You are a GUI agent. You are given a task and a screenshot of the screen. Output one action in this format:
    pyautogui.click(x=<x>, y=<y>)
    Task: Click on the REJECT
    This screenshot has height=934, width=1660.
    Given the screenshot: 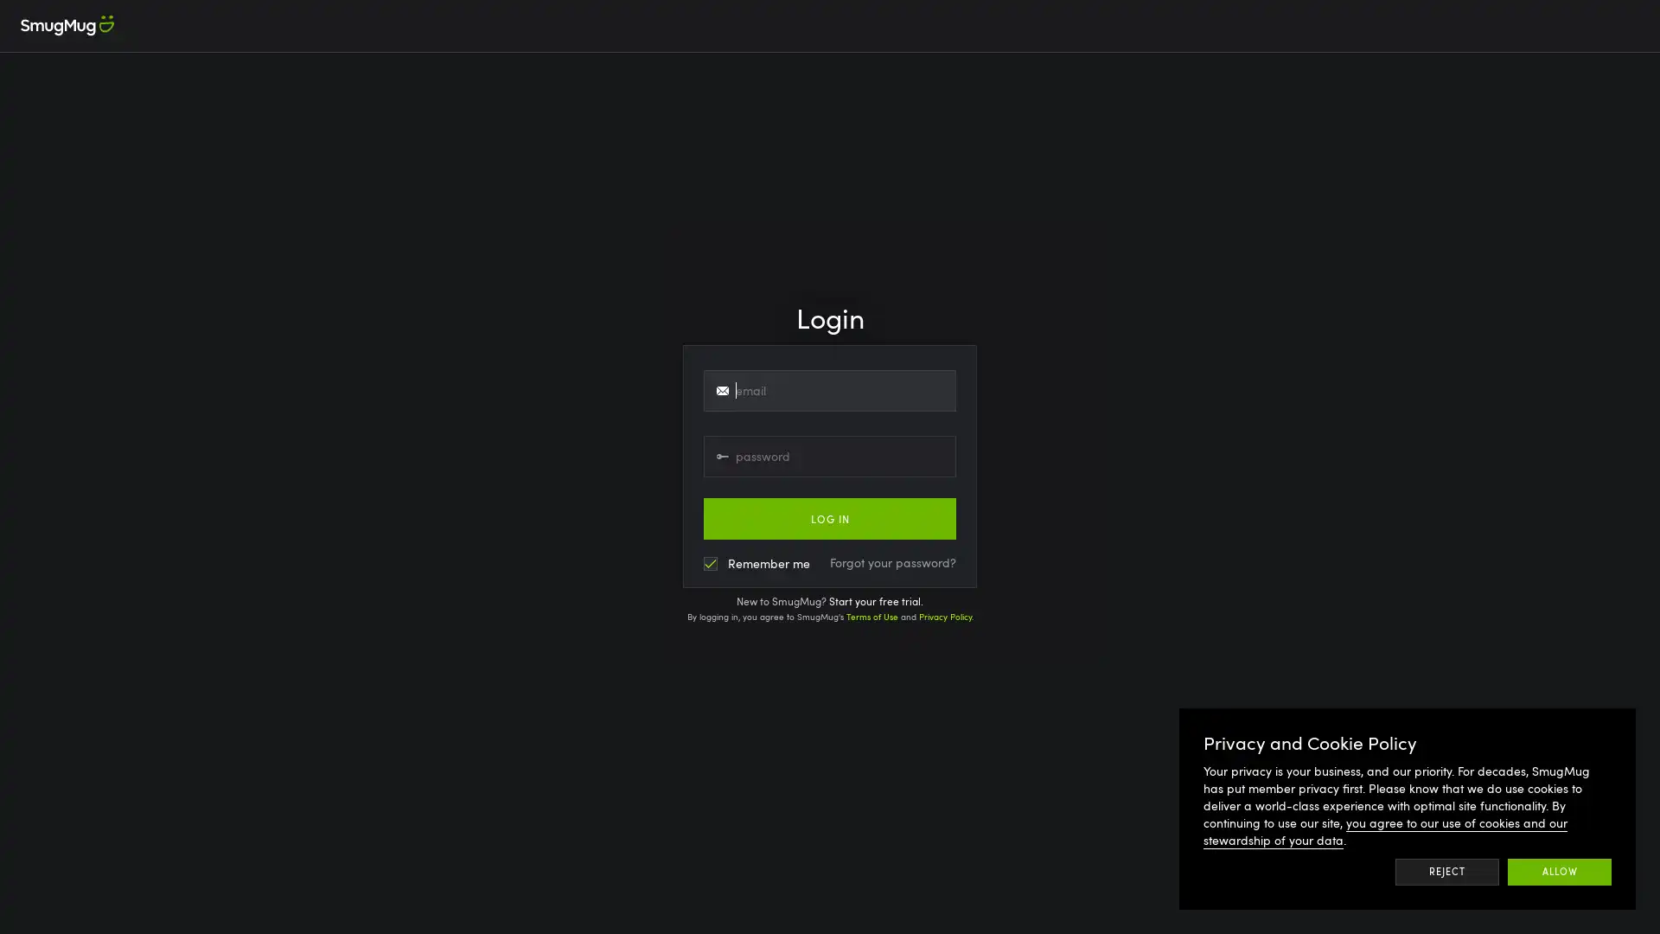 What is the action you would take?
    pyautogui.click(x=1446, y=871)
    